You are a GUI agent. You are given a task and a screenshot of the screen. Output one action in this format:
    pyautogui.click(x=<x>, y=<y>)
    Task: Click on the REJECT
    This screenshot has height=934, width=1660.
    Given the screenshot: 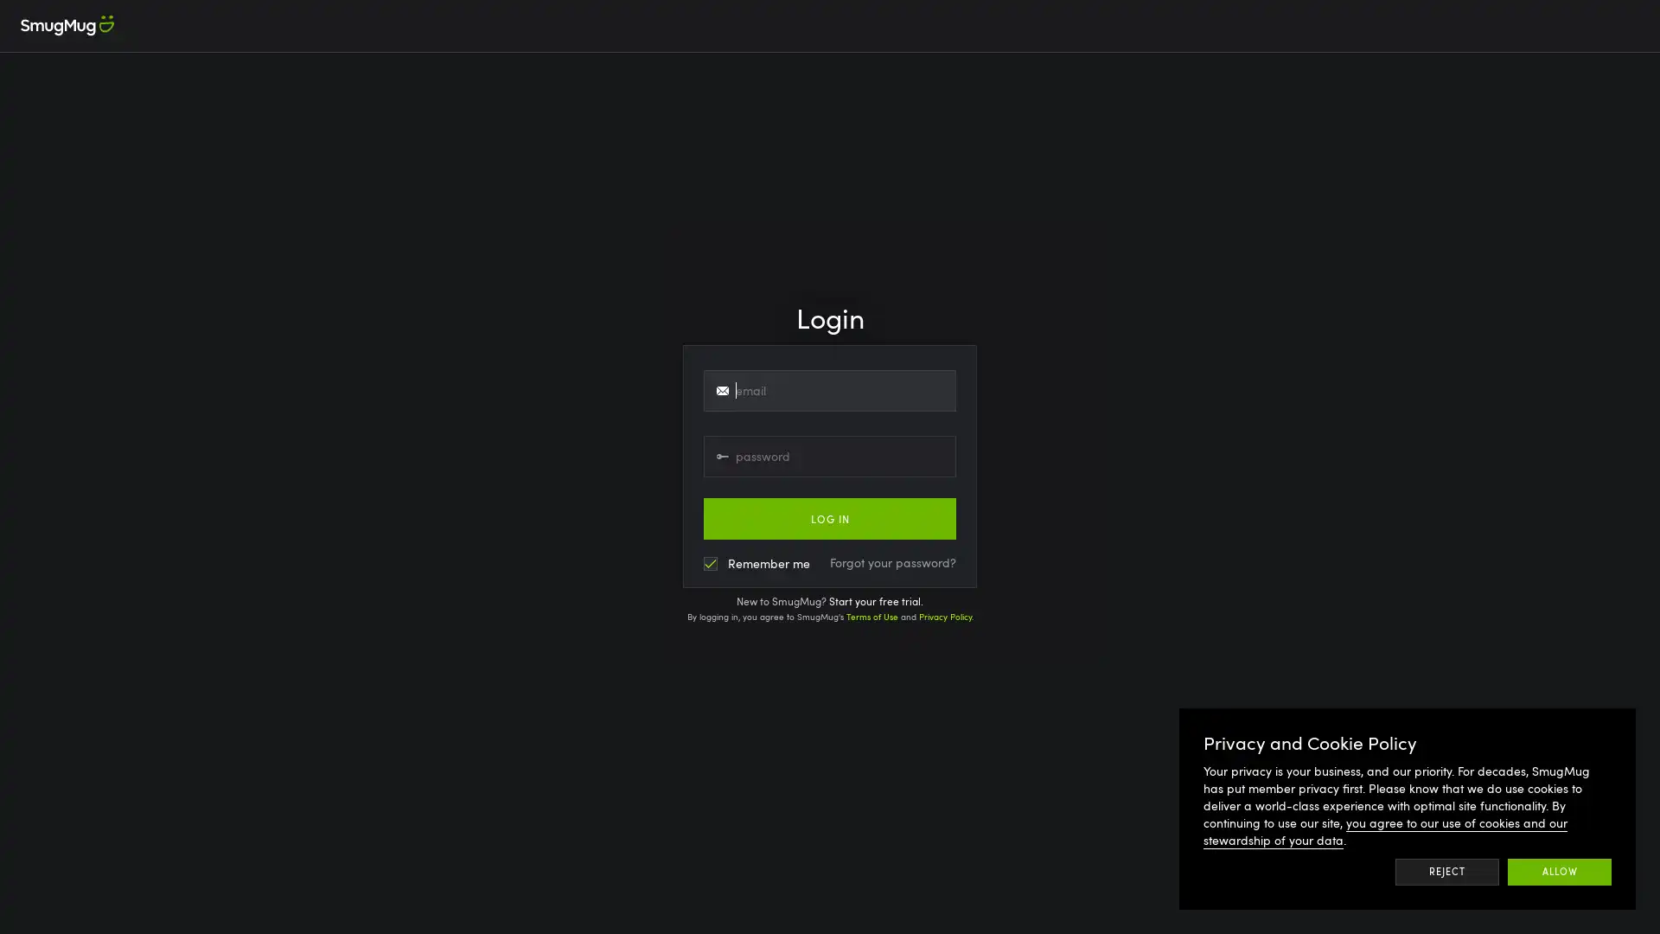 What is the action you would take?
    pyautogui.click(x=1446, y=871)
    